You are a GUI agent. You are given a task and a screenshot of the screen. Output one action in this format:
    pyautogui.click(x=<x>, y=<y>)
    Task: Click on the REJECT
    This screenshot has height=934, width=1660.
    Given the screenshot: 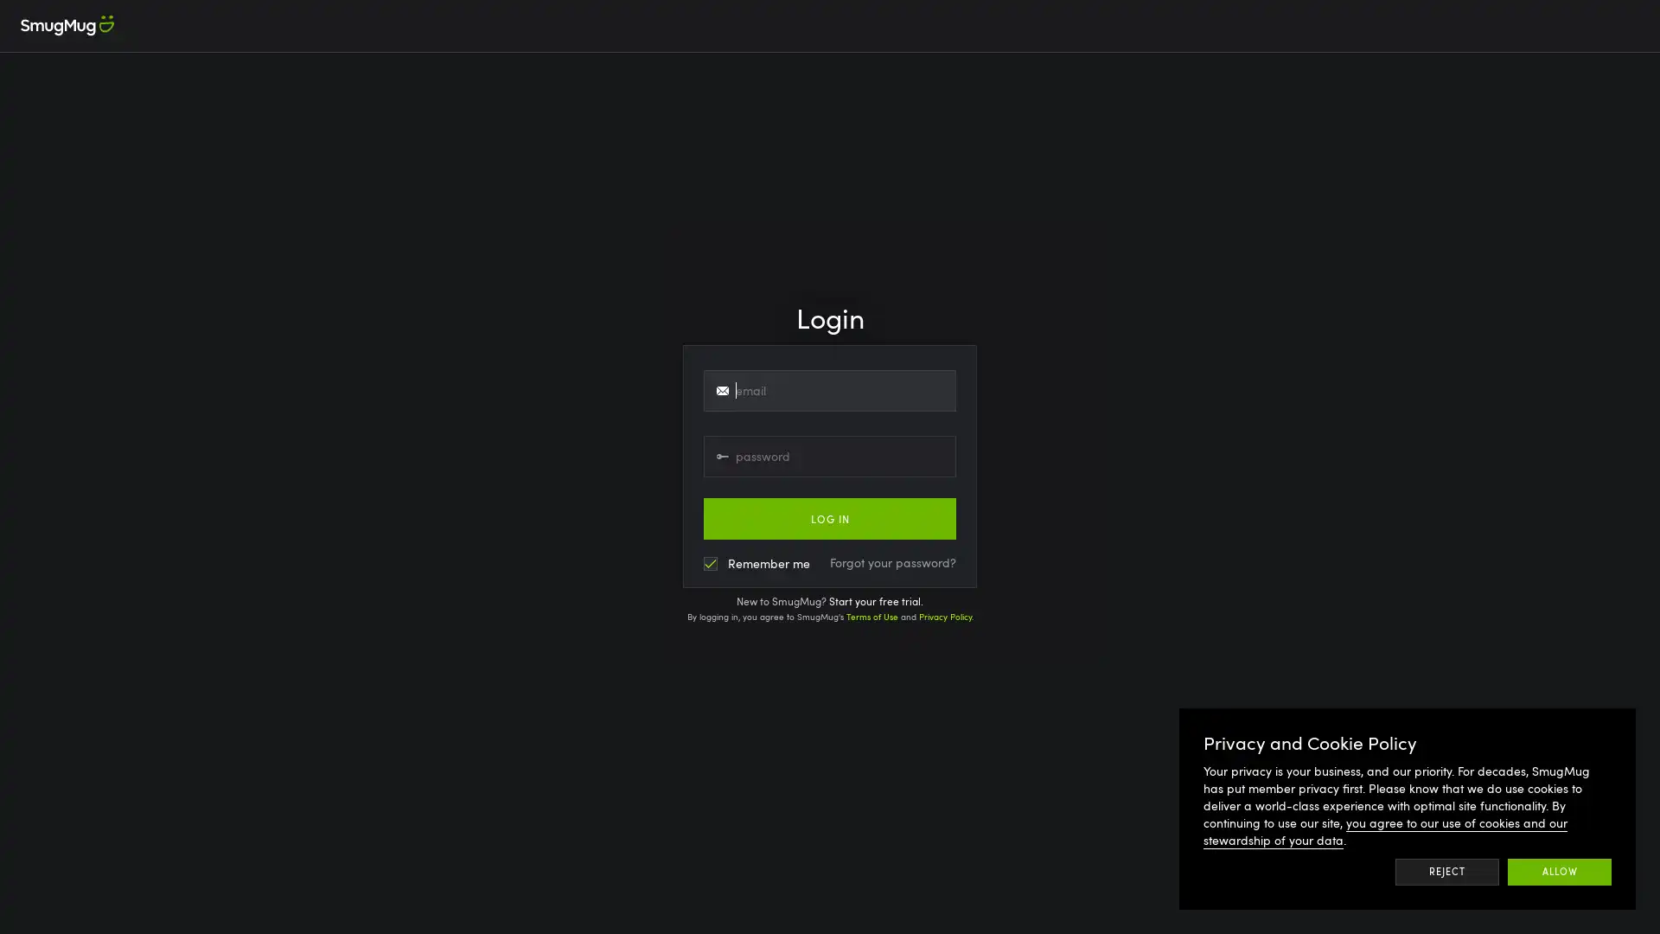 What is the action you would take?
    pyautogui.click(x=1446, y=871)
    